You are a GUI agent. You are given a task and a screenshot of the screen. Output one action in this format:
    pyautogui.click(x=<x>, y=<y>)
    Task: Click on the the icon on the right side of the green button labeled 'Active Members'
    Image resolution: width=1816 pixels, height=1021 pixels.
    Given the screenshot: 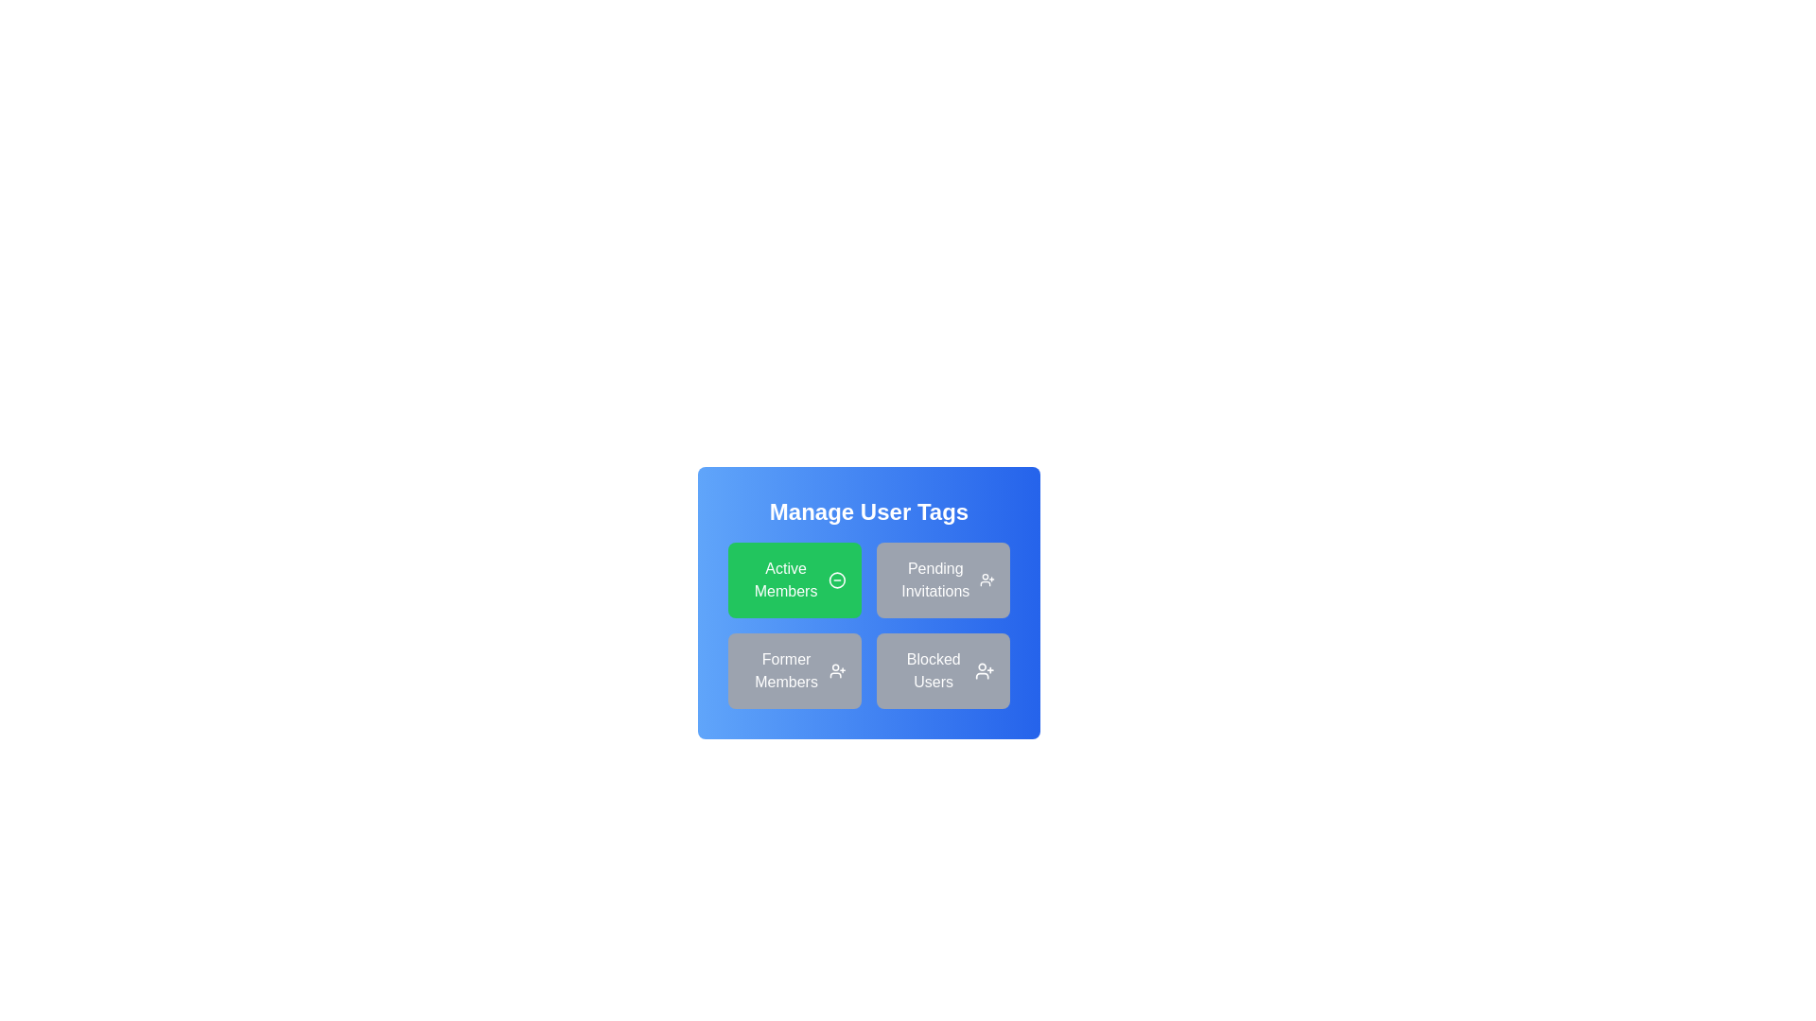 What is the action you would take?
    pyautogui.click(x=836, y=579)
    